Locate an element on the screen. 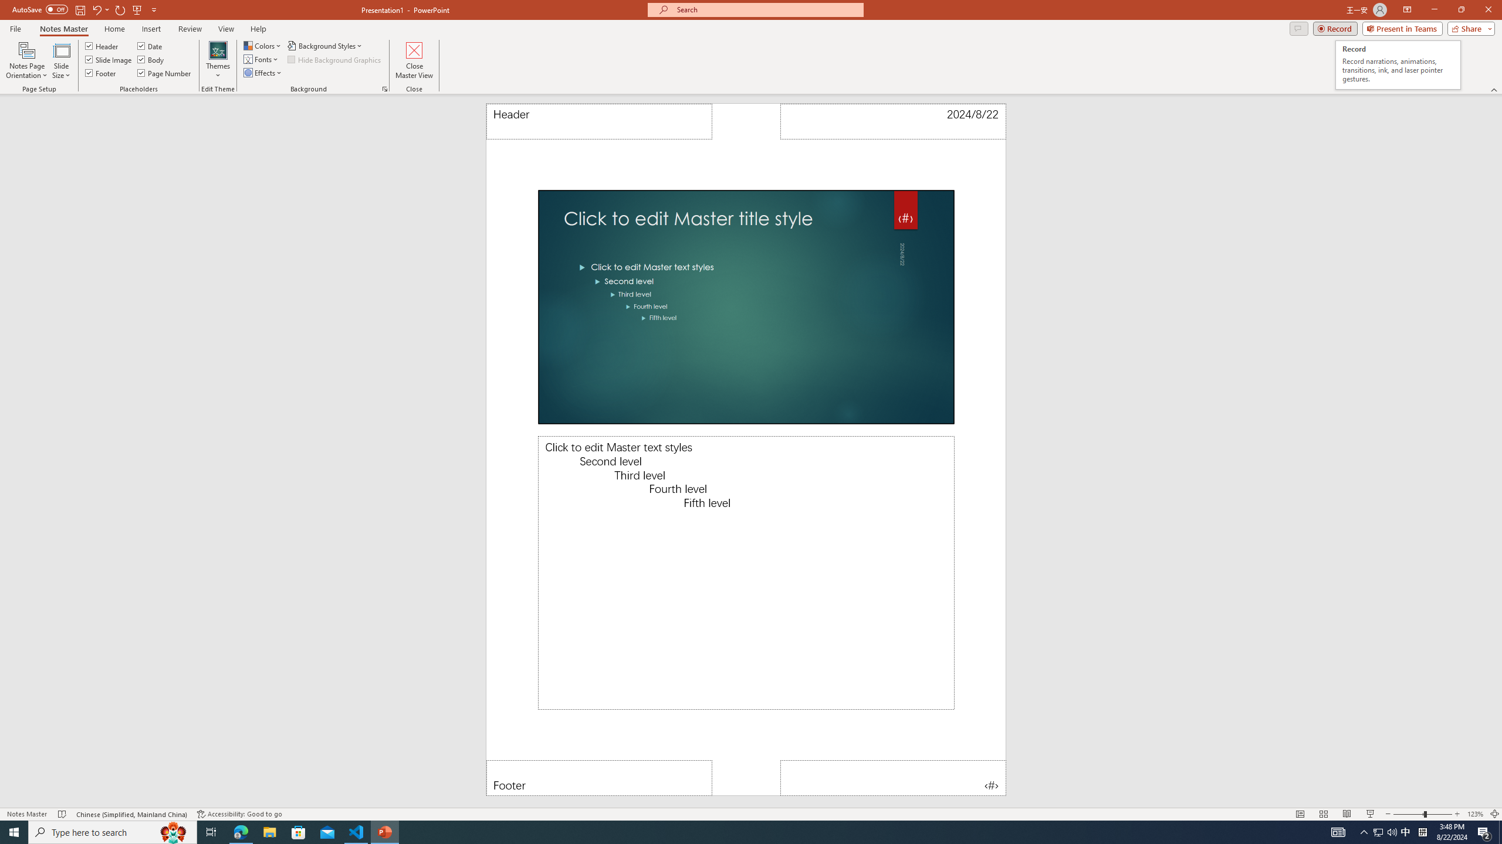 The width and height of the screenshot is (1502, 844). 'Header' is located at coordinates (102, 45).